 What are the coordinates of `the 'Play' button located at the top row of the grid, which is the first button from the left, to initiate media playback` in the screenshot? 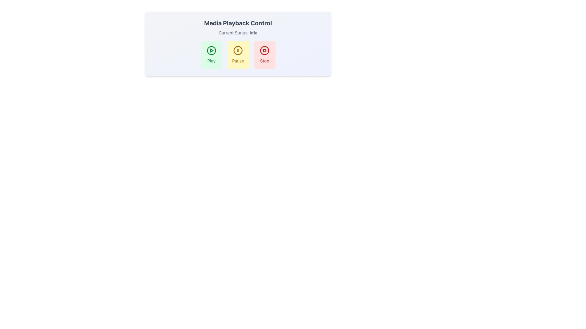 It's located at (211, 55).